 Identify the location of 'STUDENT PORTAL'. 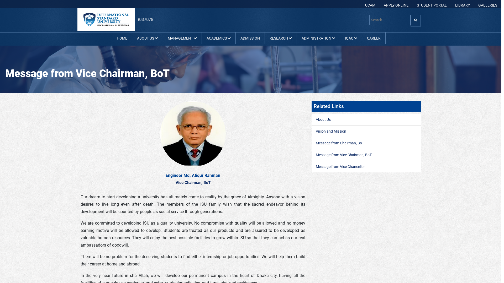
(432, 5).